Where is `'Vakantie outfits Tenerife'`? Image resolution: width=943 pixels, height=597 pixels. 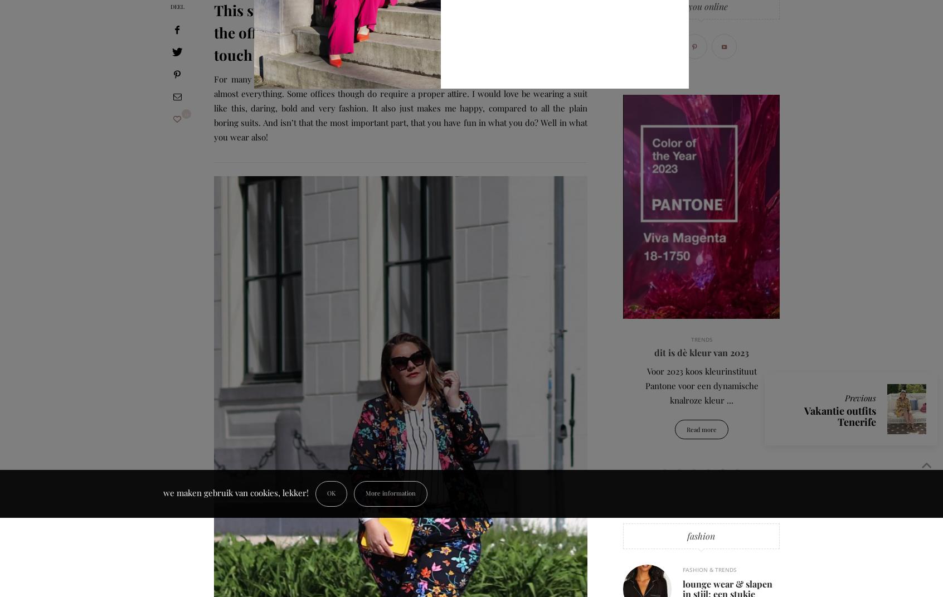
'Vakantie outfits Tenerife' is located at coordinates (840, 416).